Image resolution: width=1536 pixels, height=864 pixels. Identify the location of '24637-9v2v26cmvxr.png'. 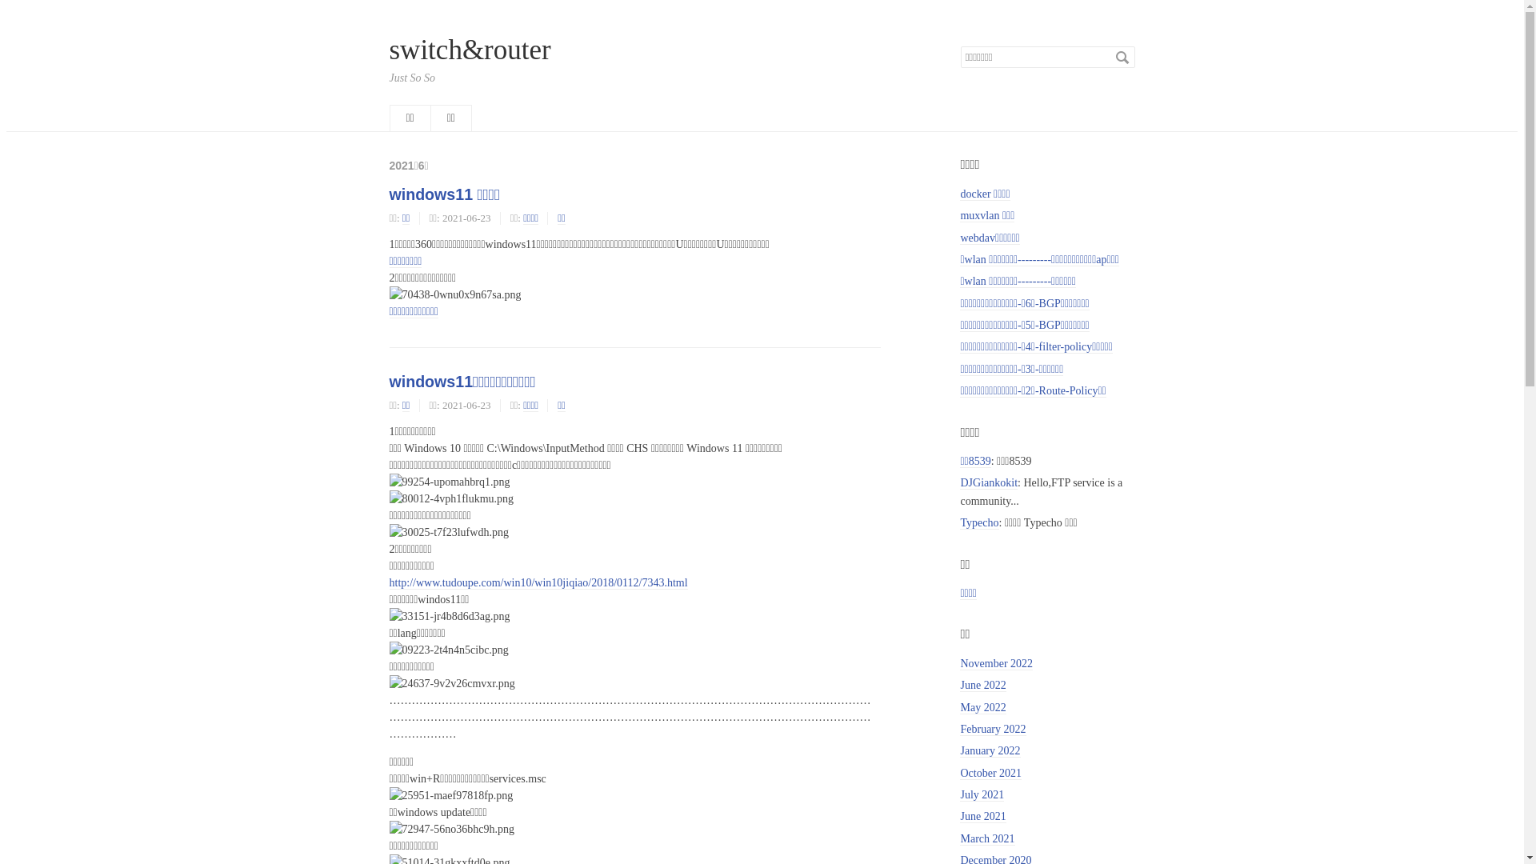
(388, 683).